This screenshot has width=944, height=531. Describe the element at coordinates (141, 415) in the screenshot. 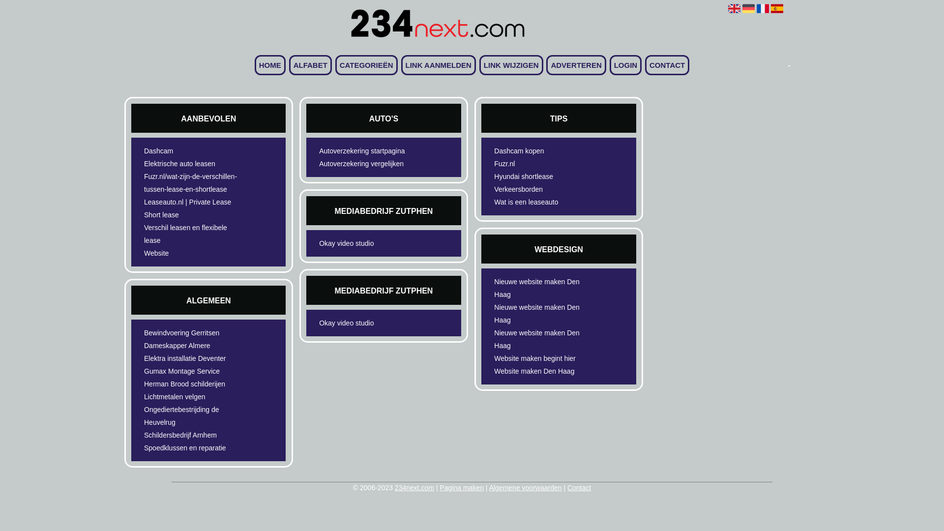

I see `'Ongediertebestrijding de Heuvelrug'` at that location.